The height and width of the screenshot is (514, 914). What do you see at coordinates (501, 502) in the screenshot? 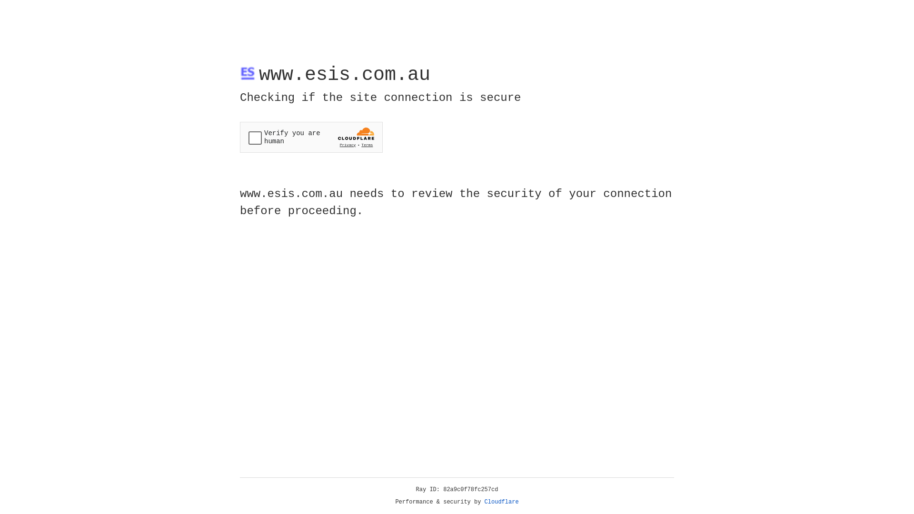
I see `'Cloudflare'` at bounding box center [501, 502].